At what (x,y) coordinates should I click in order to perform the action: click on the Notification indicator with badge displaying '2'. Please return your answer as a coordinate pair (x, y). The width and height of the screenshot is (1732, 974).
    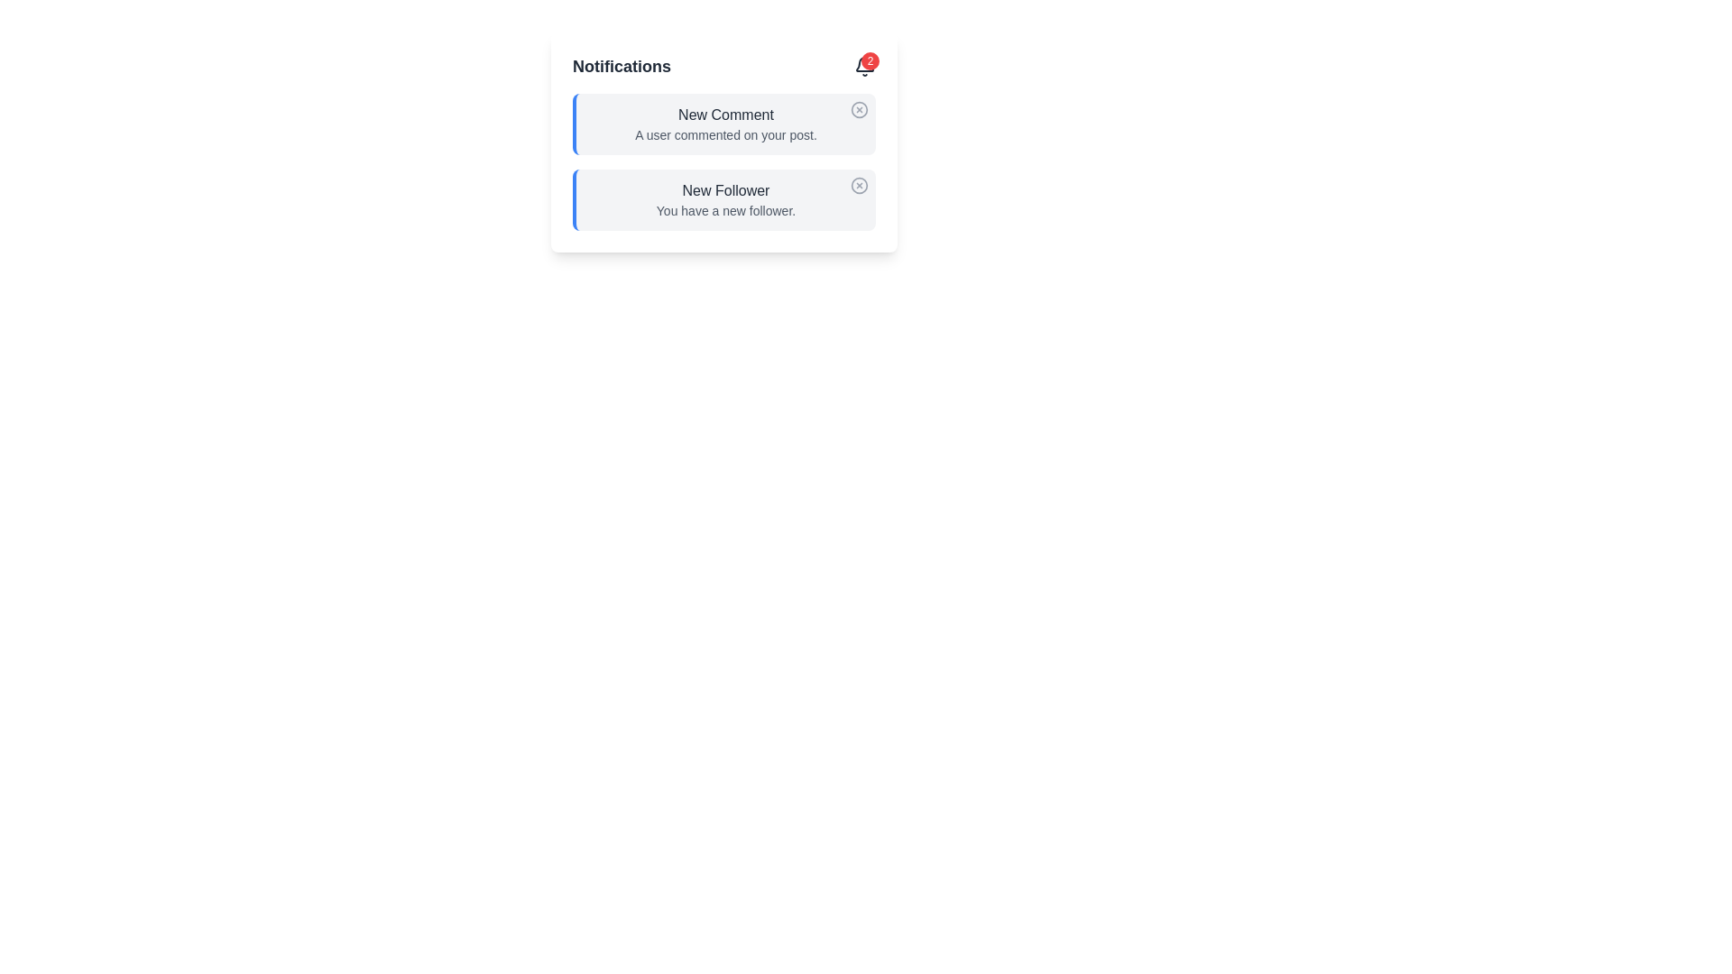
    Looking at the image, I should click on (864, 65).